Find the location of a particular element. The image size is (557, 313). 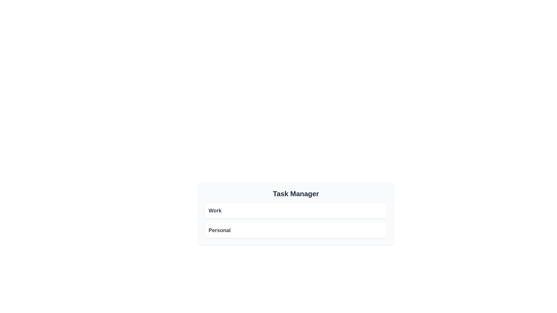

text label indicating the category 'Work' located in the top section of the card layout under 'Task Manager' is located at coordinates (215, 210).